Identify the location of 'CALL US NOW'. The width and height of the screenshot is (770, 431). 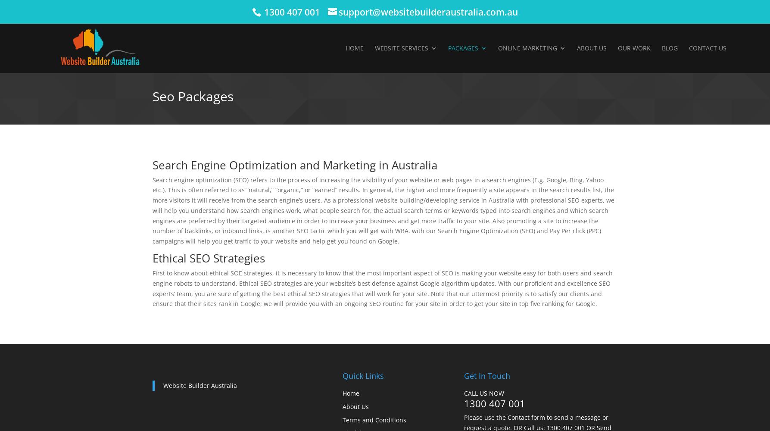
(484, 393).